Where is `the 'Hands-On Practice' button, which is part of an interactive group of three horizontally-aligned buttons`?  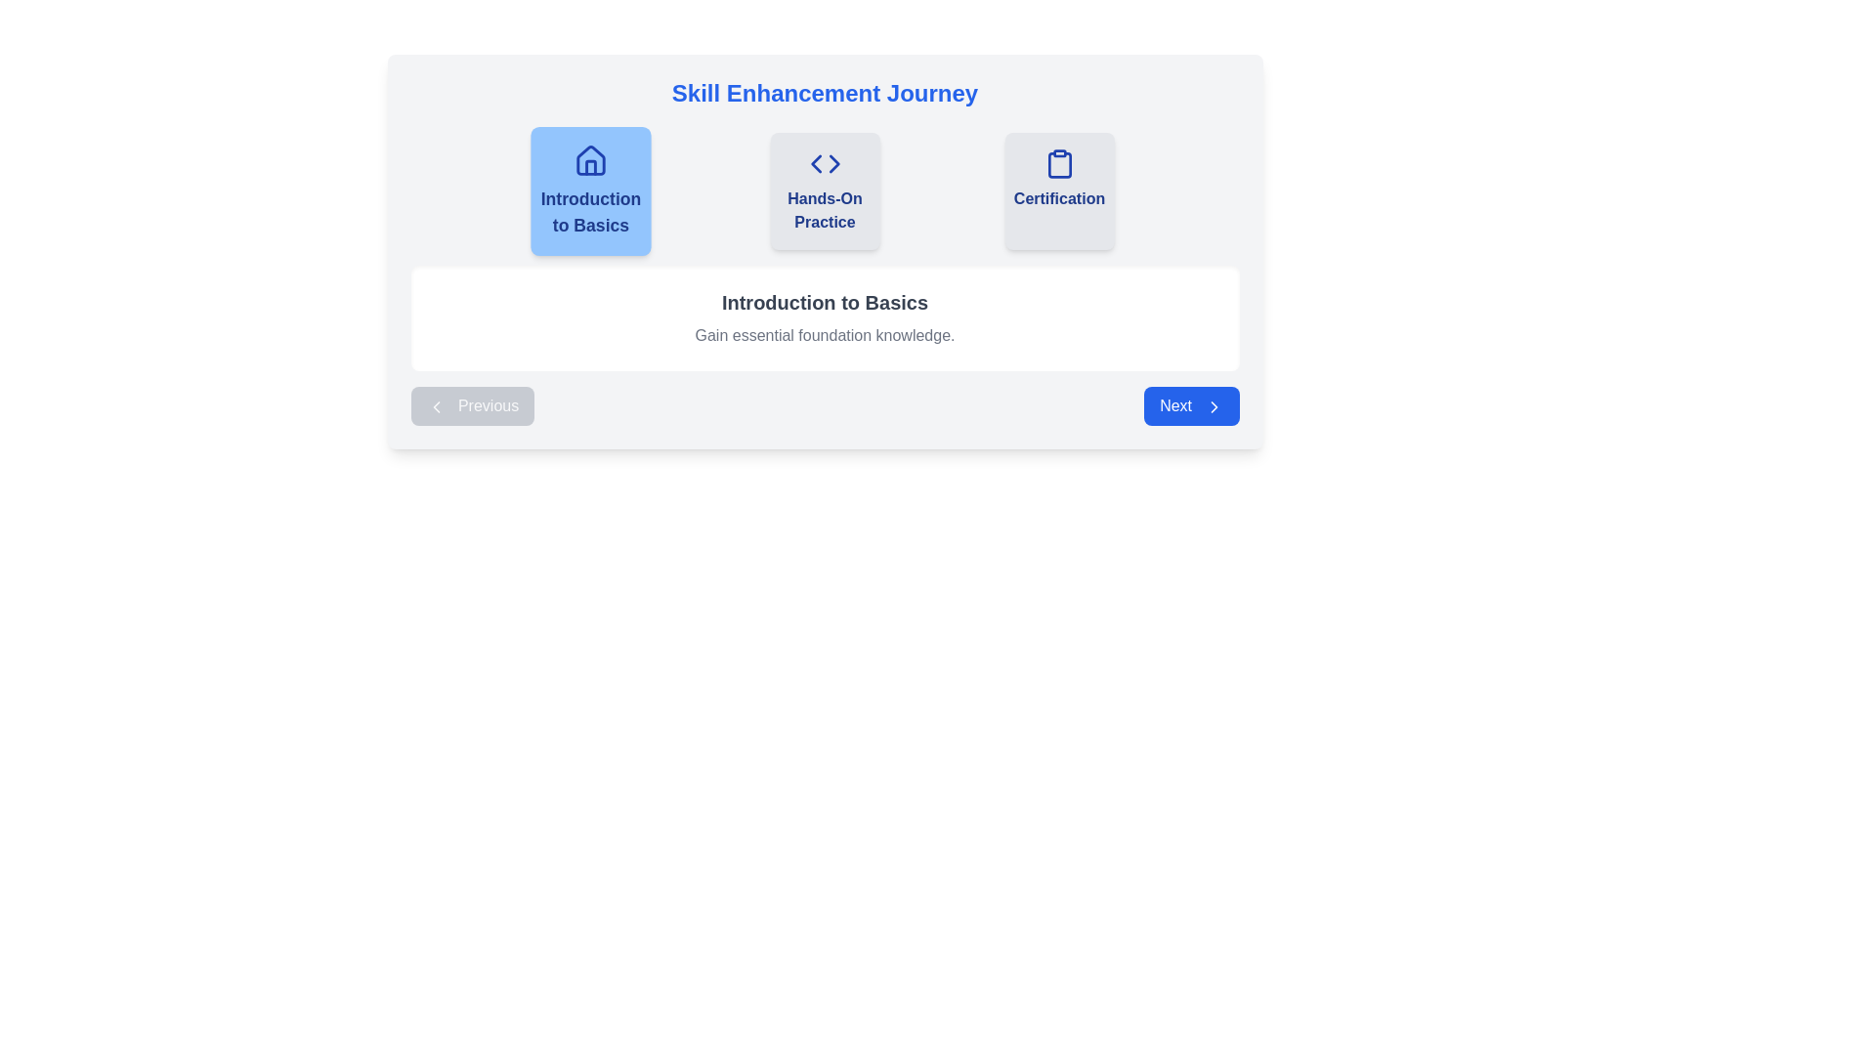
the 'Hands-On Practice' button, which is part of an interactive group of three horizontally-aligned buttons is located at coordinates (825, 191).